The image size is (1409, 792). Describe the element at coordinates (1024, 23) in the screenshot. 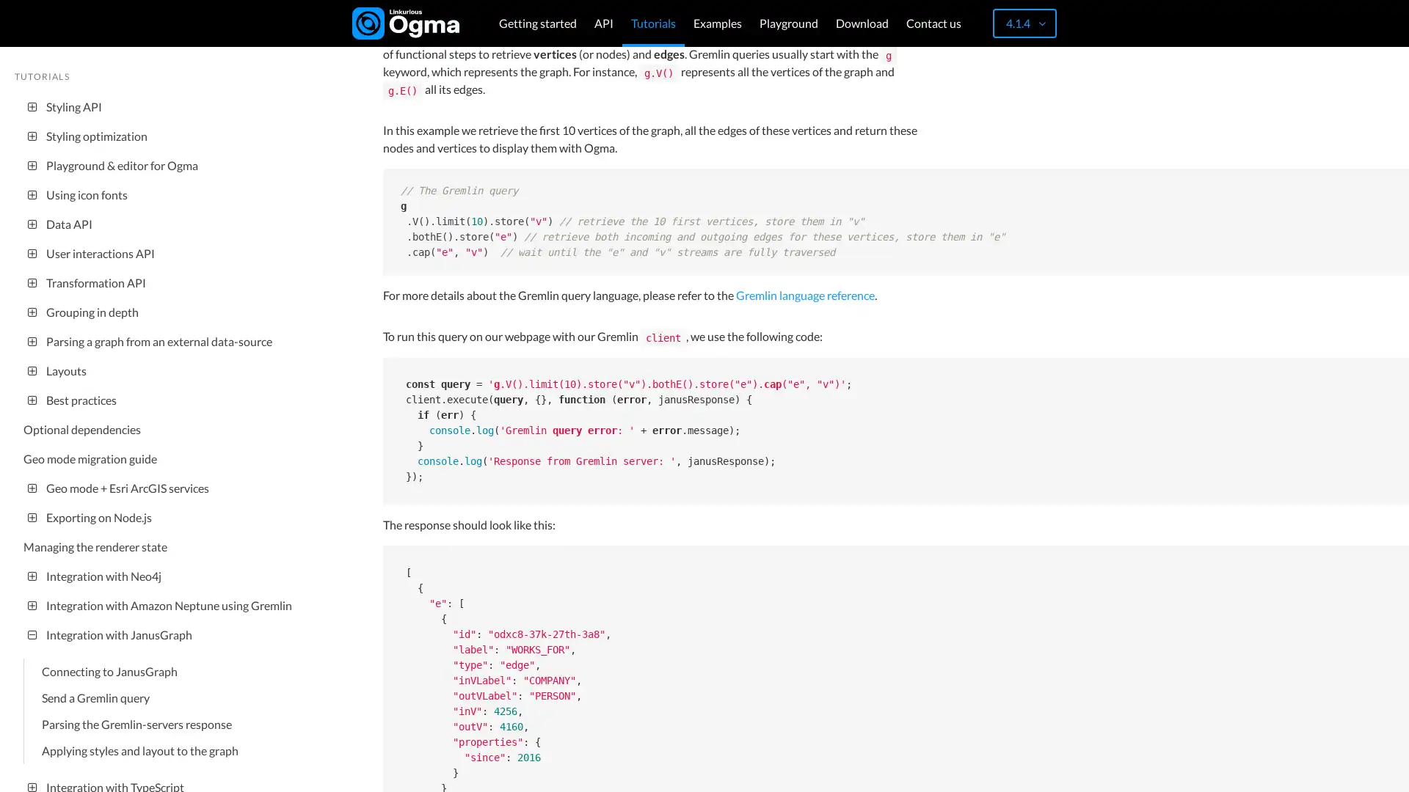

I see `4.1.4` at that location.